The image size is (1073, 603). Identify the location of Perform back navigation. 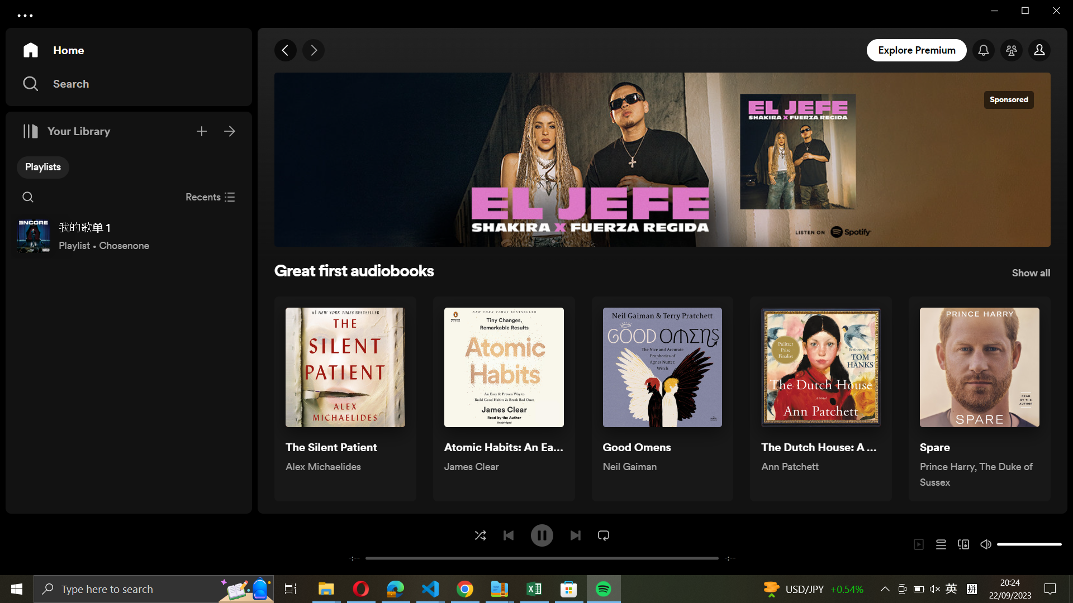
(286, 51).